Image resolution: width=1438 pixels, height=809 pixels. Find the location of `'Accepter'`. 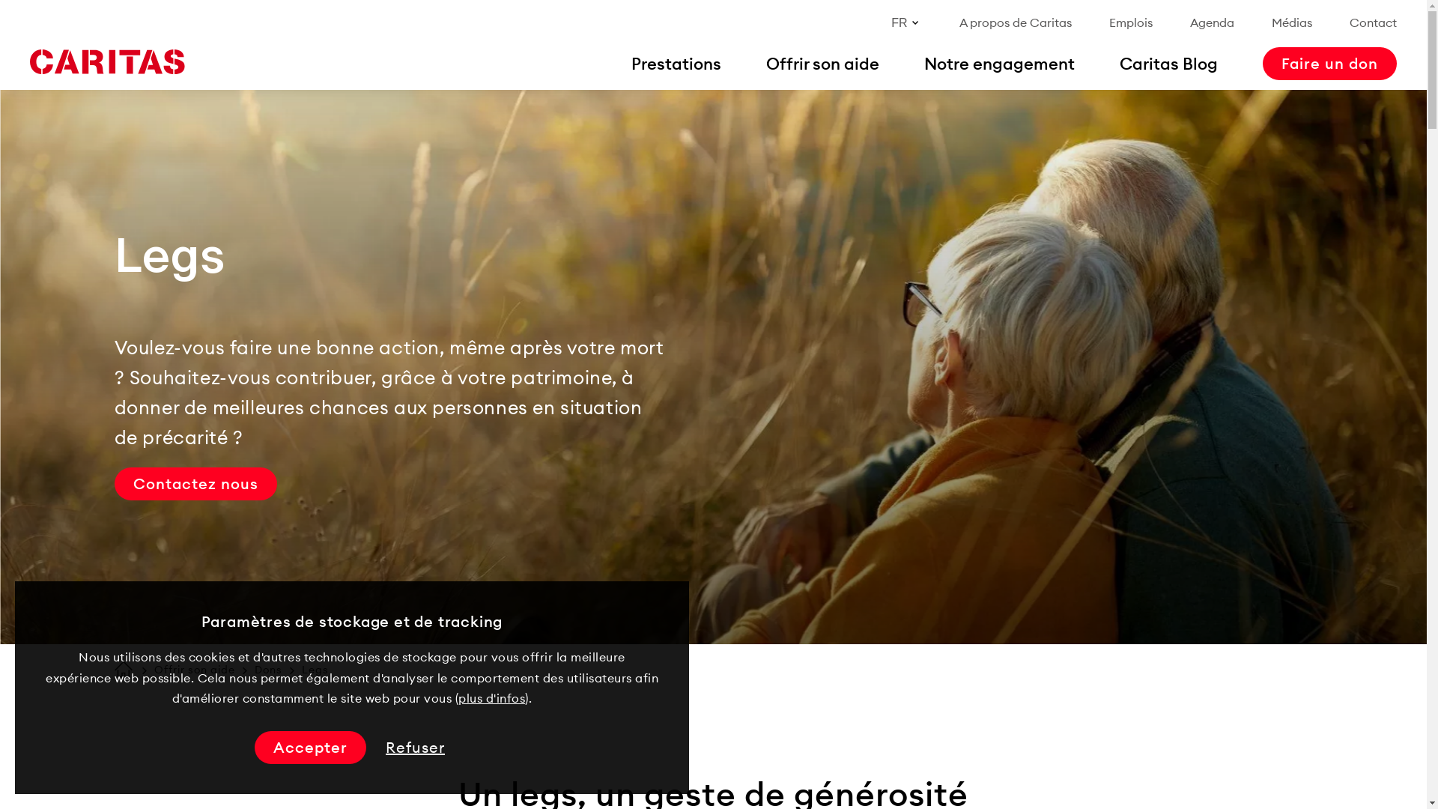

'Accepter' is located at coordinates (309, 748).